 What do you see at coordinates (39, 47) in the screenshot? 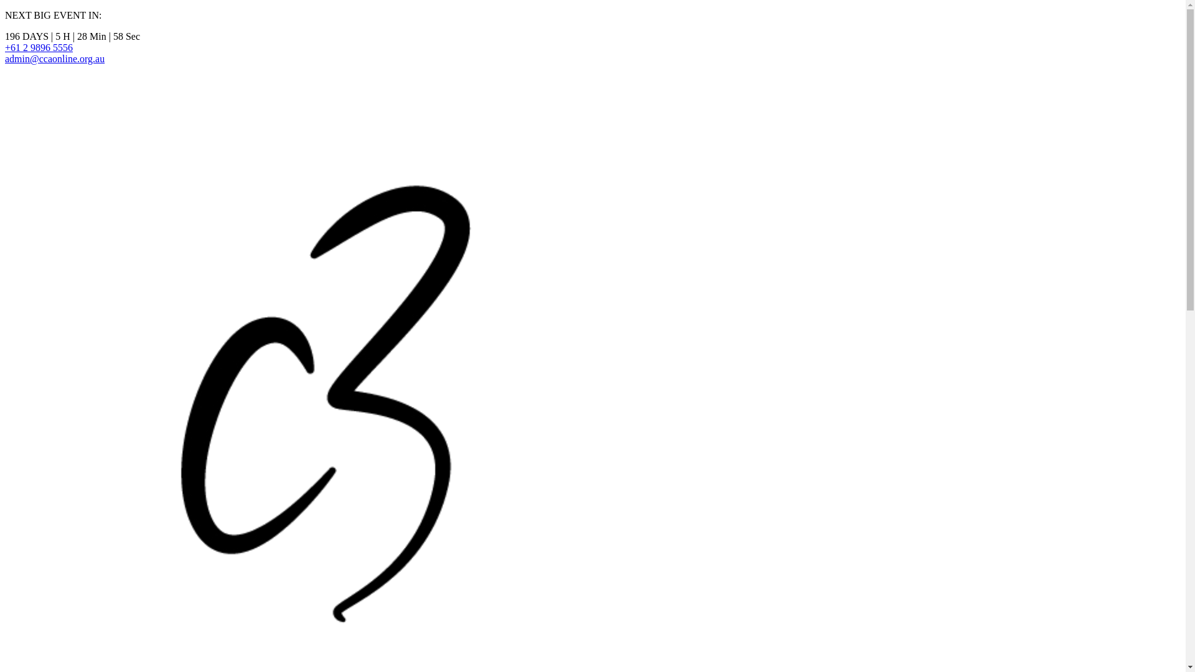
I see `'+61 2 9896 5556'` at bounding box center [39, 47].